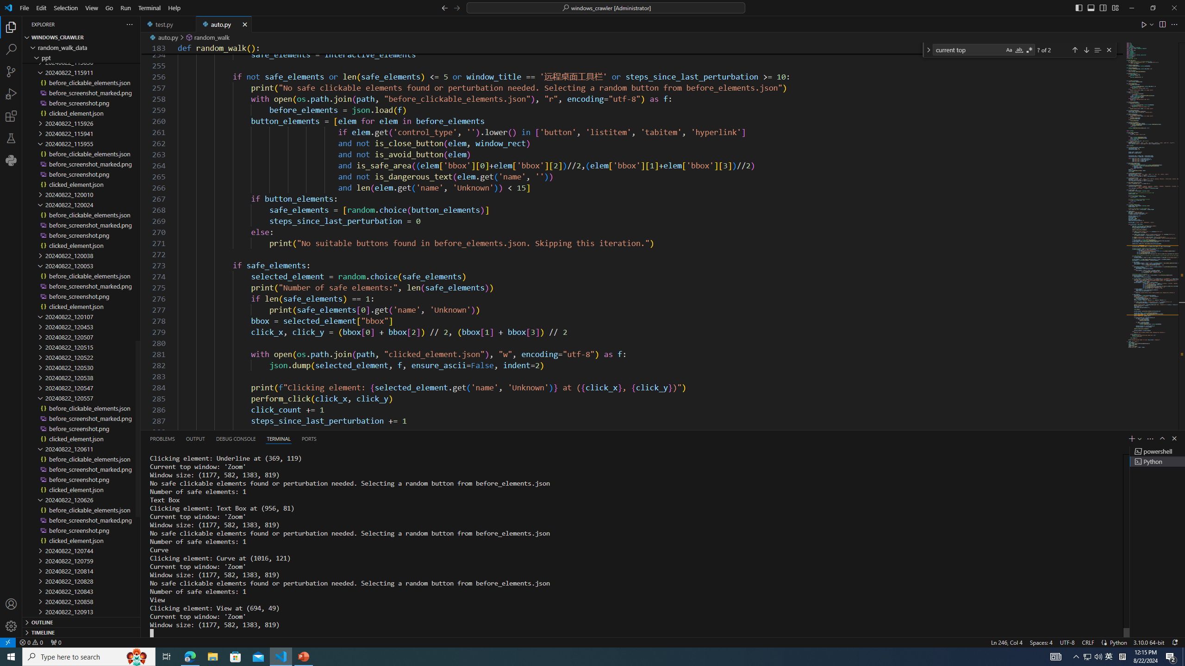 The width and height of the screenshot is (1185, 666). Describe the element at coordinates (24, 7) in the screenshot. I see `'File'` at that location.